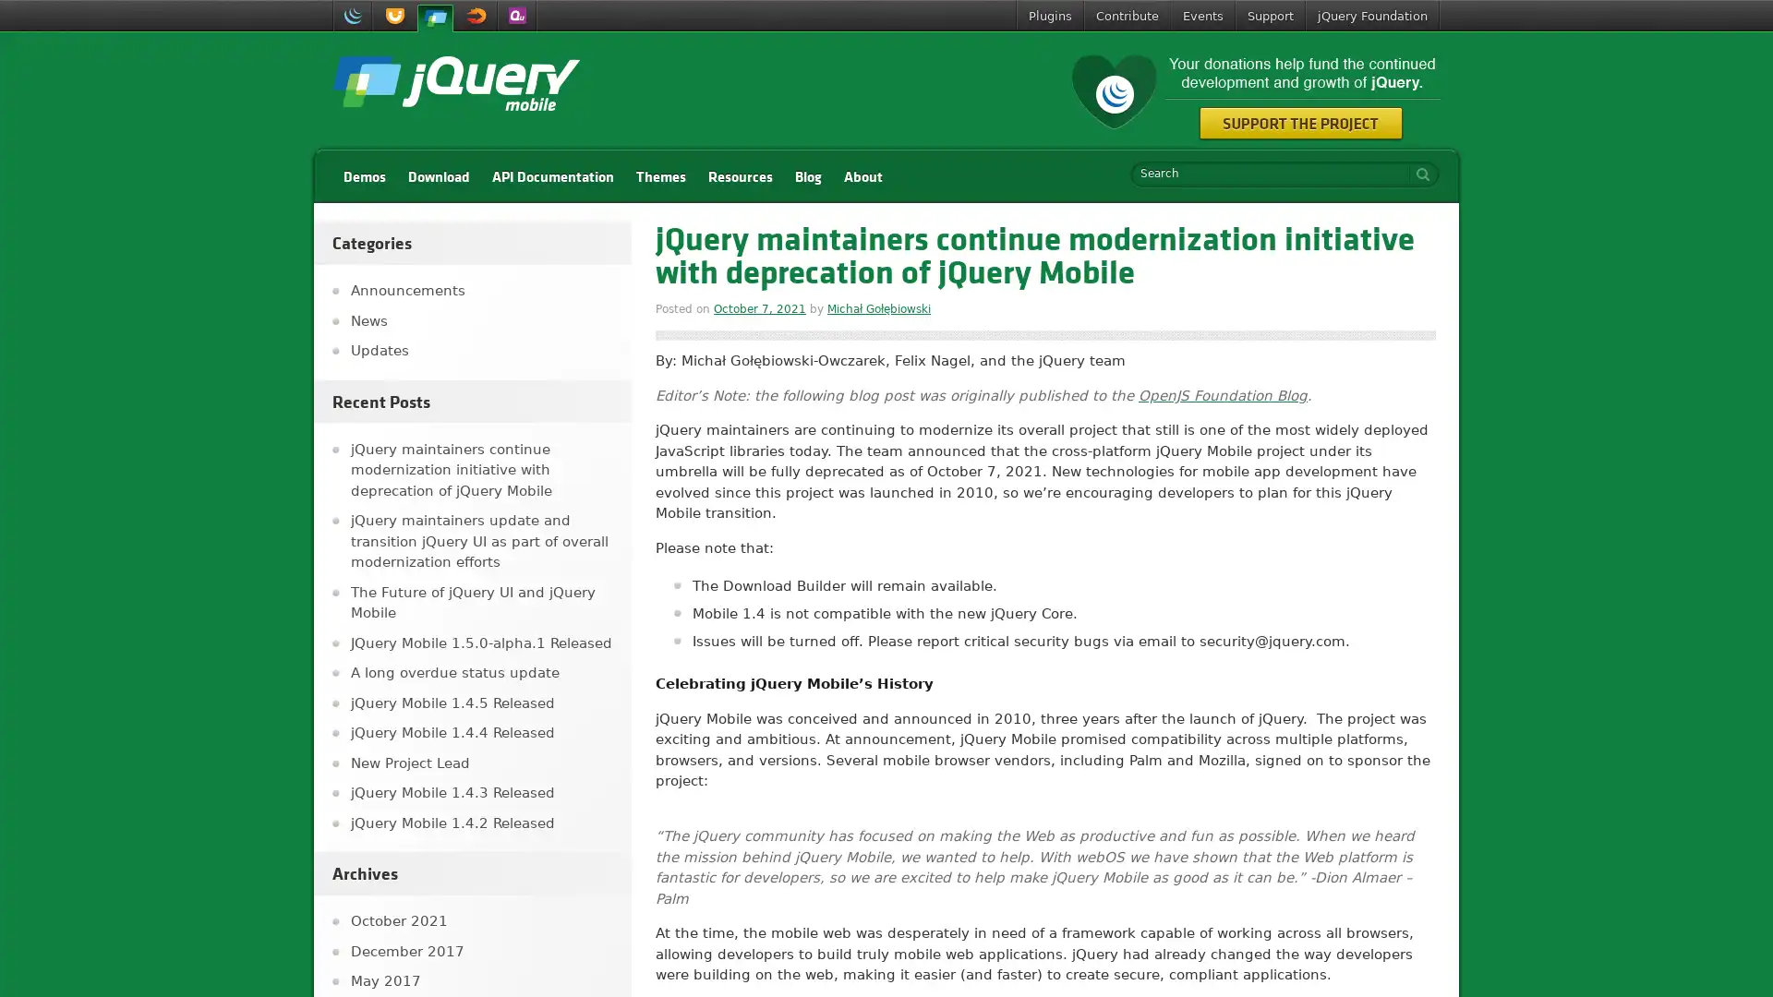  What do you see at coordinates (1417, 174) in the screenshot?
I see `search` at bounding box center [1417, 174].